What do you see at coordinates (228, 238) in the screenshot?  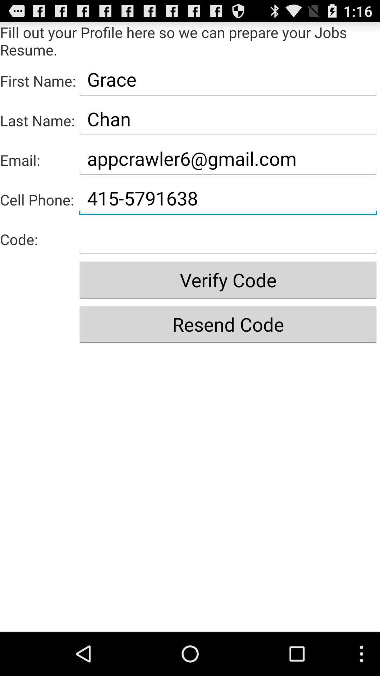 I see `code` at bounding box center [228, 238].